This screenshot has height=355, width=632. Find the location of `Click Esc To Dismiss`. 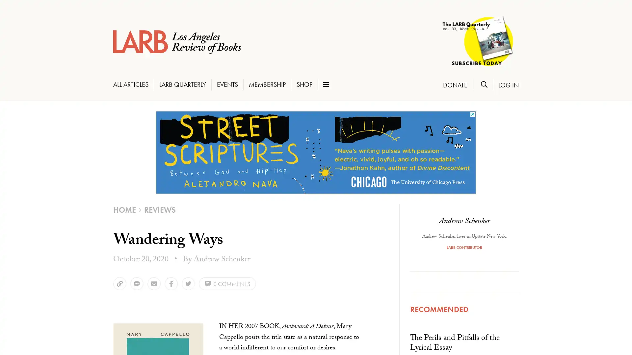

Click Esc To Dismiss is located at coordinates (31, 326).